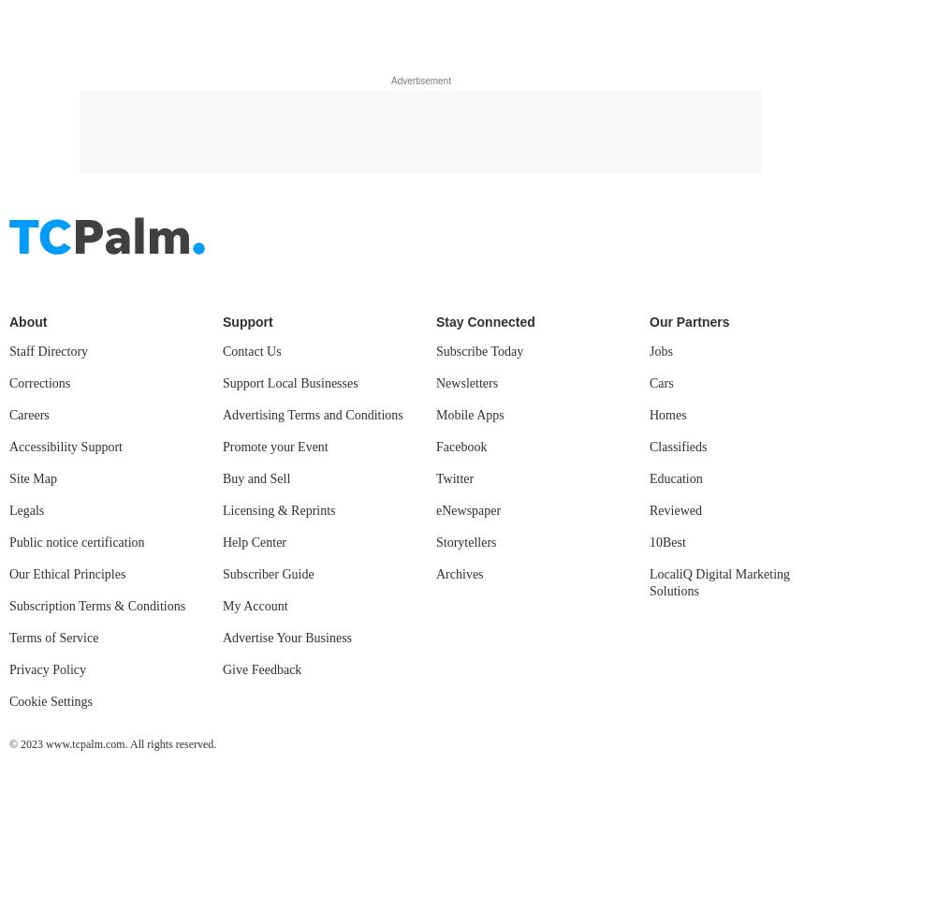  I want to click on 'Subscription Terms & Conditions', so click(96, 81).